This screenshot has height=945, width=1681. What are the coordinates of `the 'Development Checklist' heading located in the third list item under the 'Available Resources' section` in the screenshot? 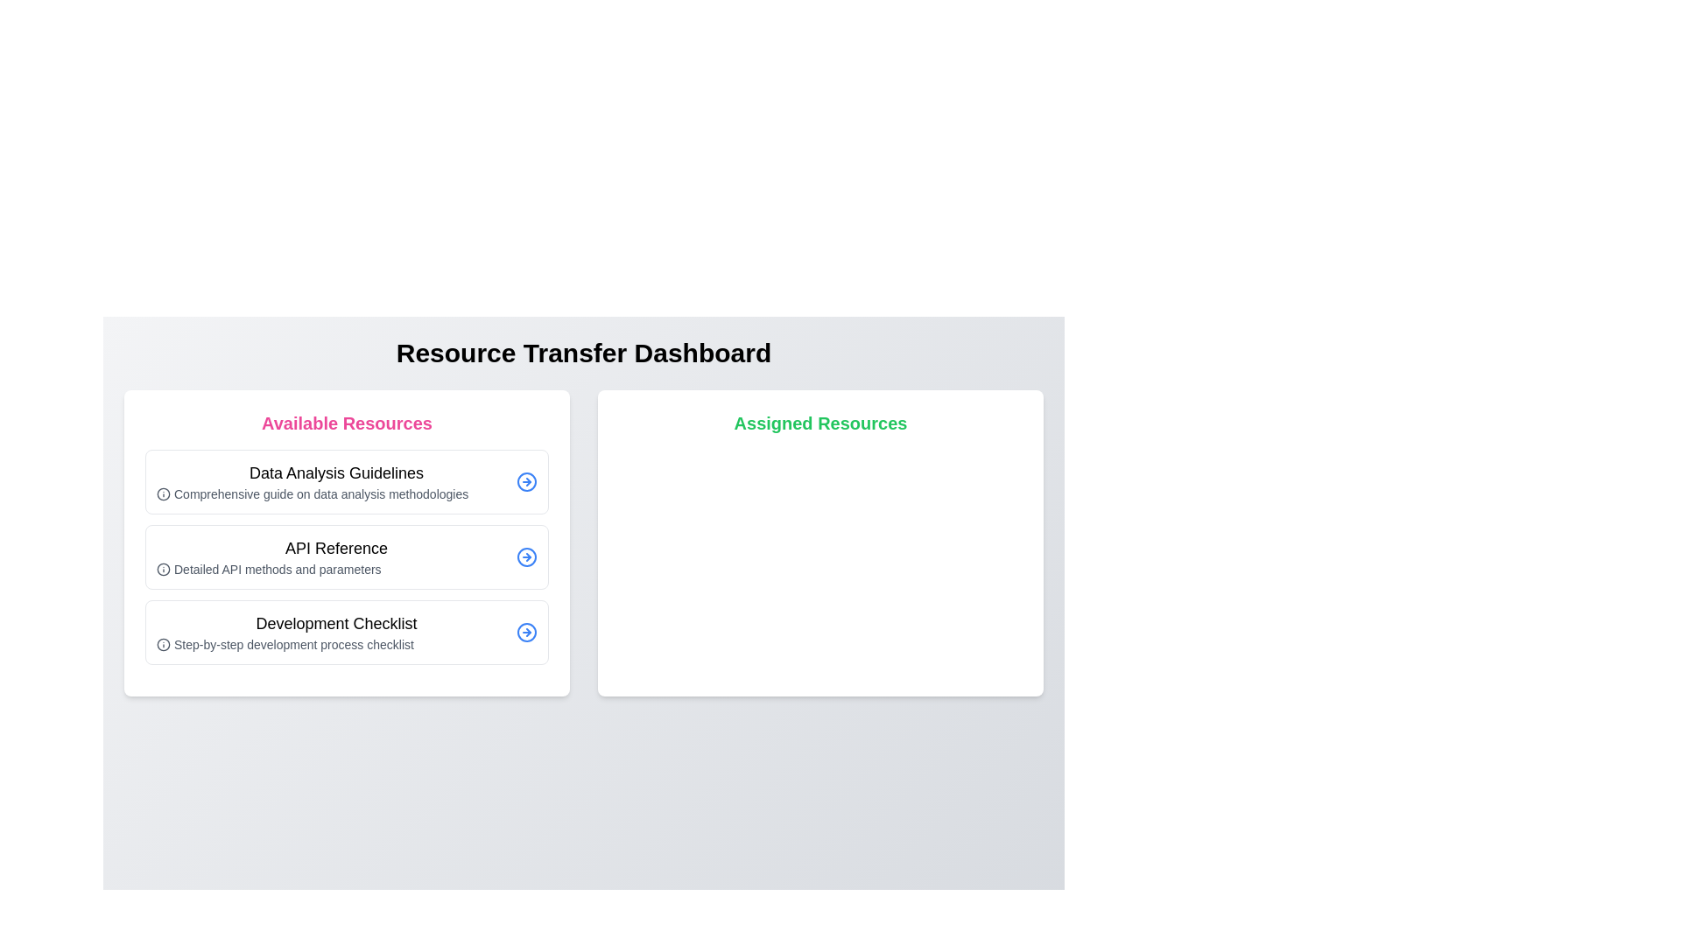 It's located at (336, 623).